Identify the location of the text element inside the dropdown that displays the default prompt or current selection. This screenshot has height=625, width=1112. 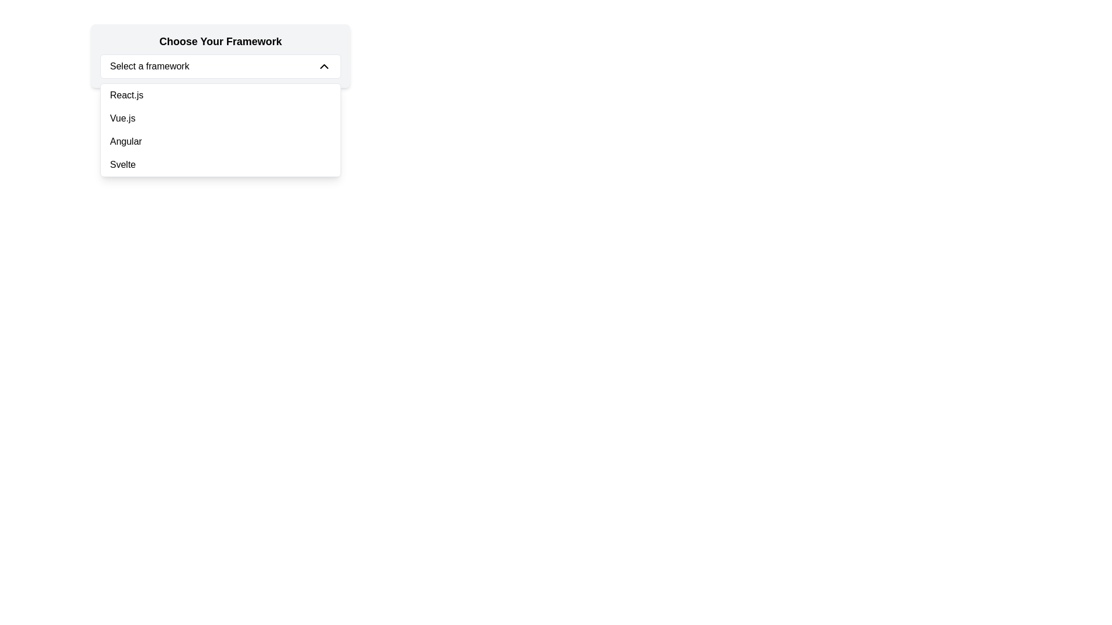
(149, 67).